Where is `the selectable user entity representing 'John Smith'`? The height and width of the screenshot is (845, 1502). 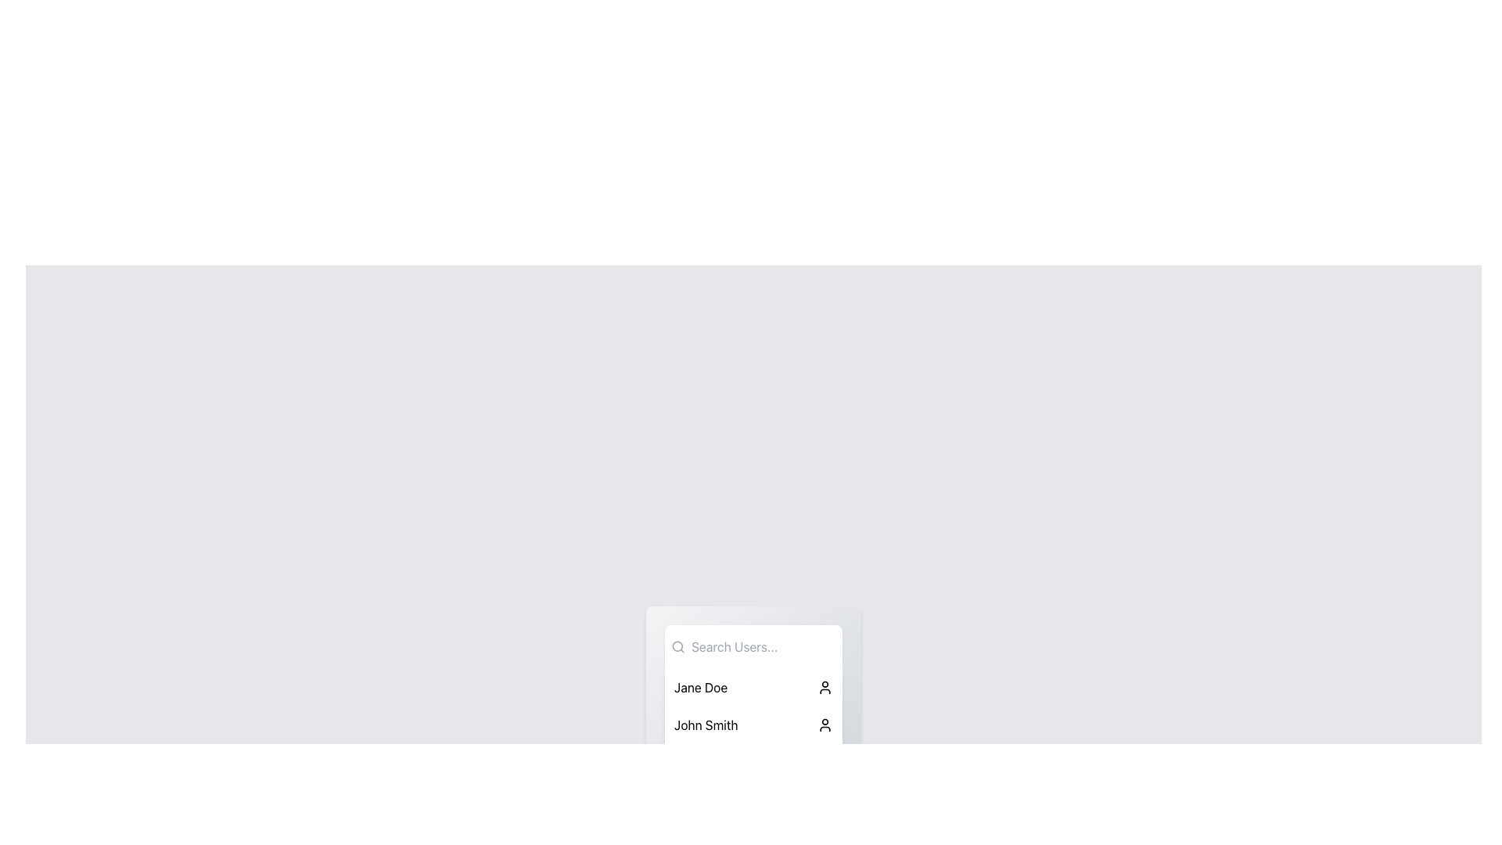 the selectable user entity representing 'John Smith' is located at coordinates (753, 725).